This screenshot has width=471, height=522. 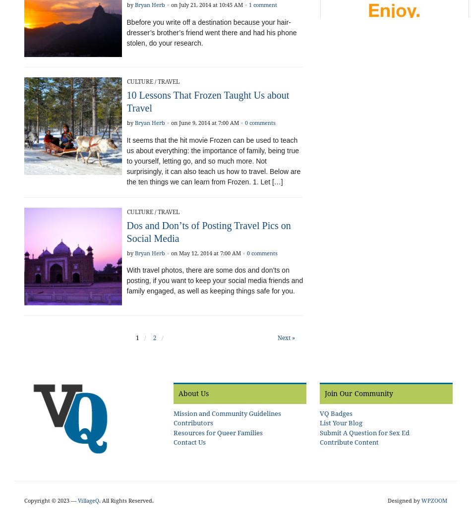 I want to click on 'on May 12, 2014 at 7:00 AM', so click(x=205, y=253).